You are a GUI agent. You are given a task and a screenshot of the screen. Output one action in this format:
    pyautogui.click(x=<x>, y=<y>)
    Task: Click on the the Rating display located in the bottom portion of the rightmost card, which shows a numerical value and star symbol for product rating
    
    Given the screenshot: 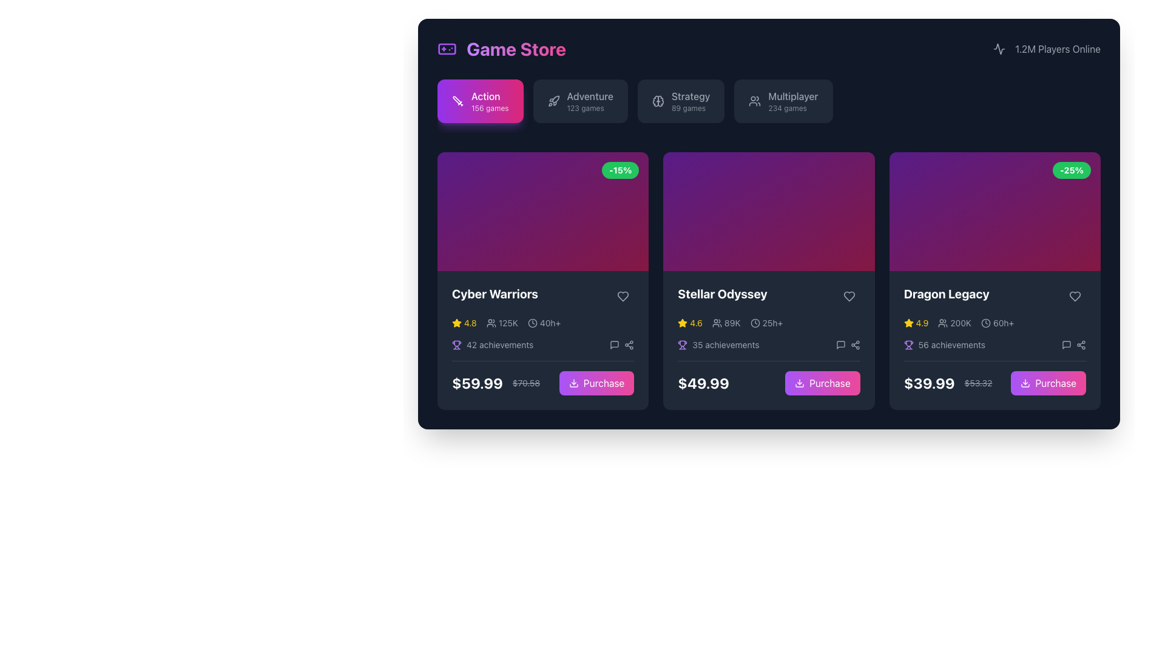 What is the action you would take?
    pyautogui.click(x=916, y=322)
    